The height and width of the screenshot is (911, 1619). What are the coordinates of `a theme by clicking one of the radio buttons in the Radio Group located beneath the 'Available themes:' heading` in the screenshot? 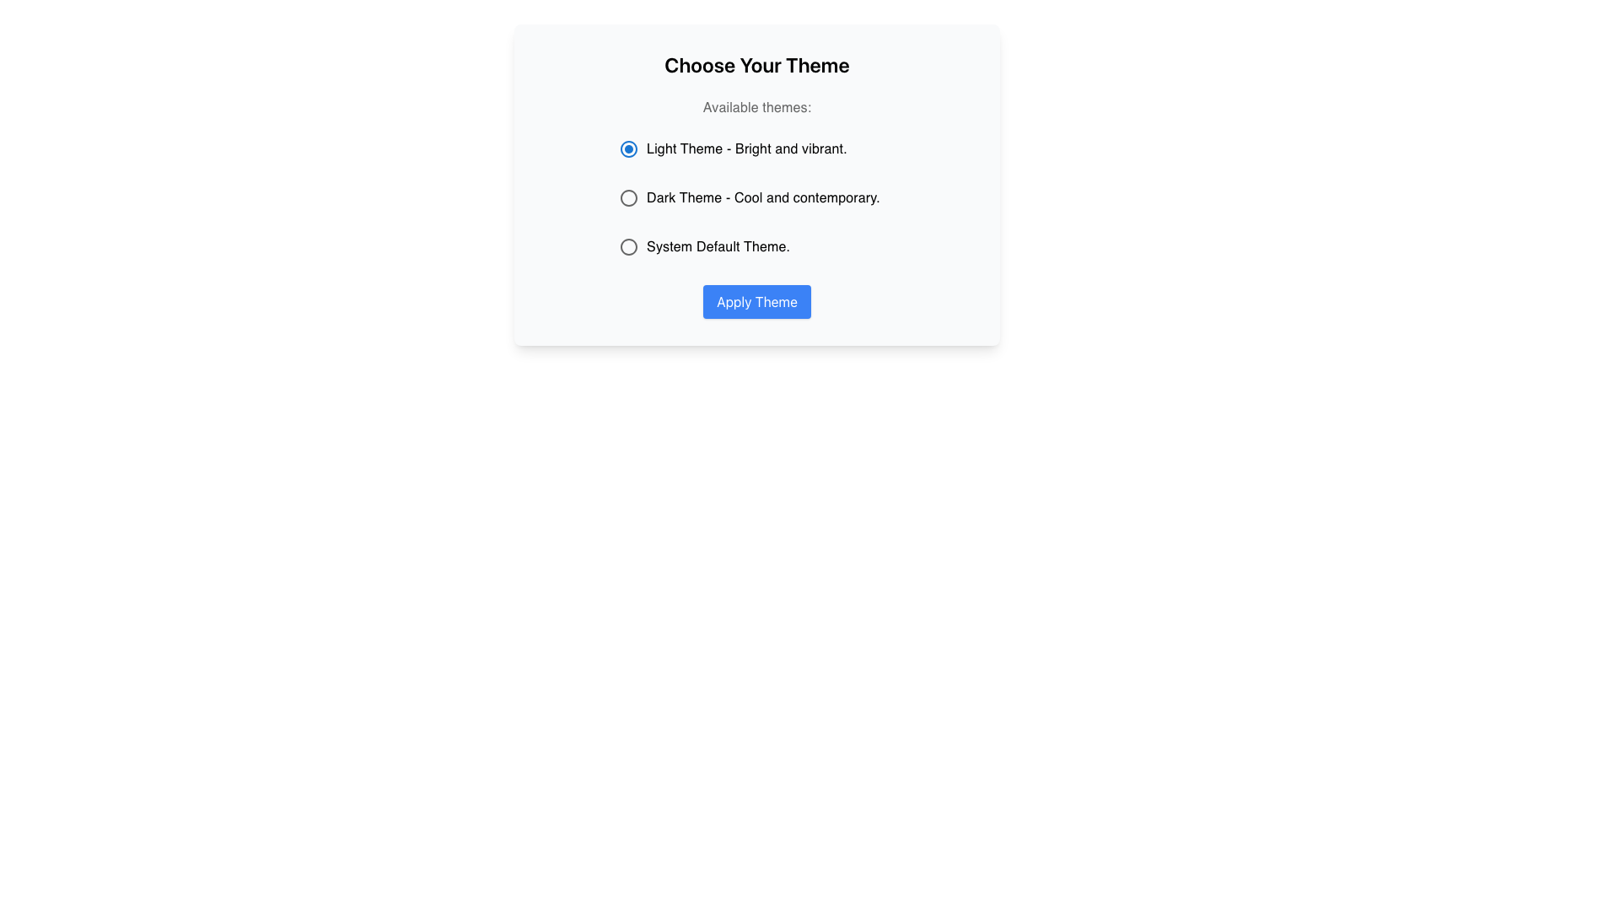 It's located at (756, 181).